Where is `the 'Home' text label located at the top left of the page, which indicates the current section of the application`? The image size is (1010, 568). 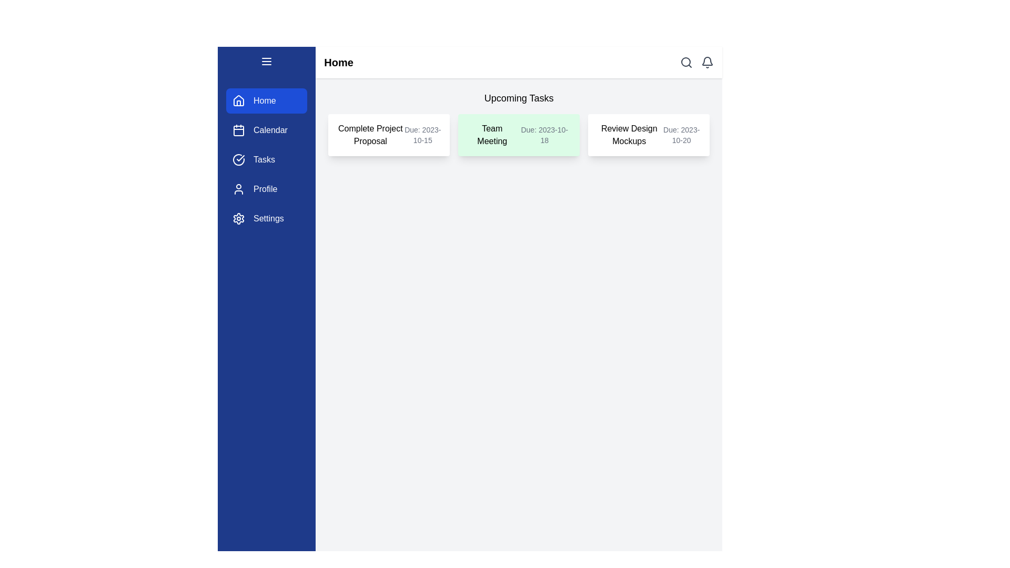
the 'Home' text label located at the top left of the page, which indicates the current section of the application is located at coordinates (338, 63).